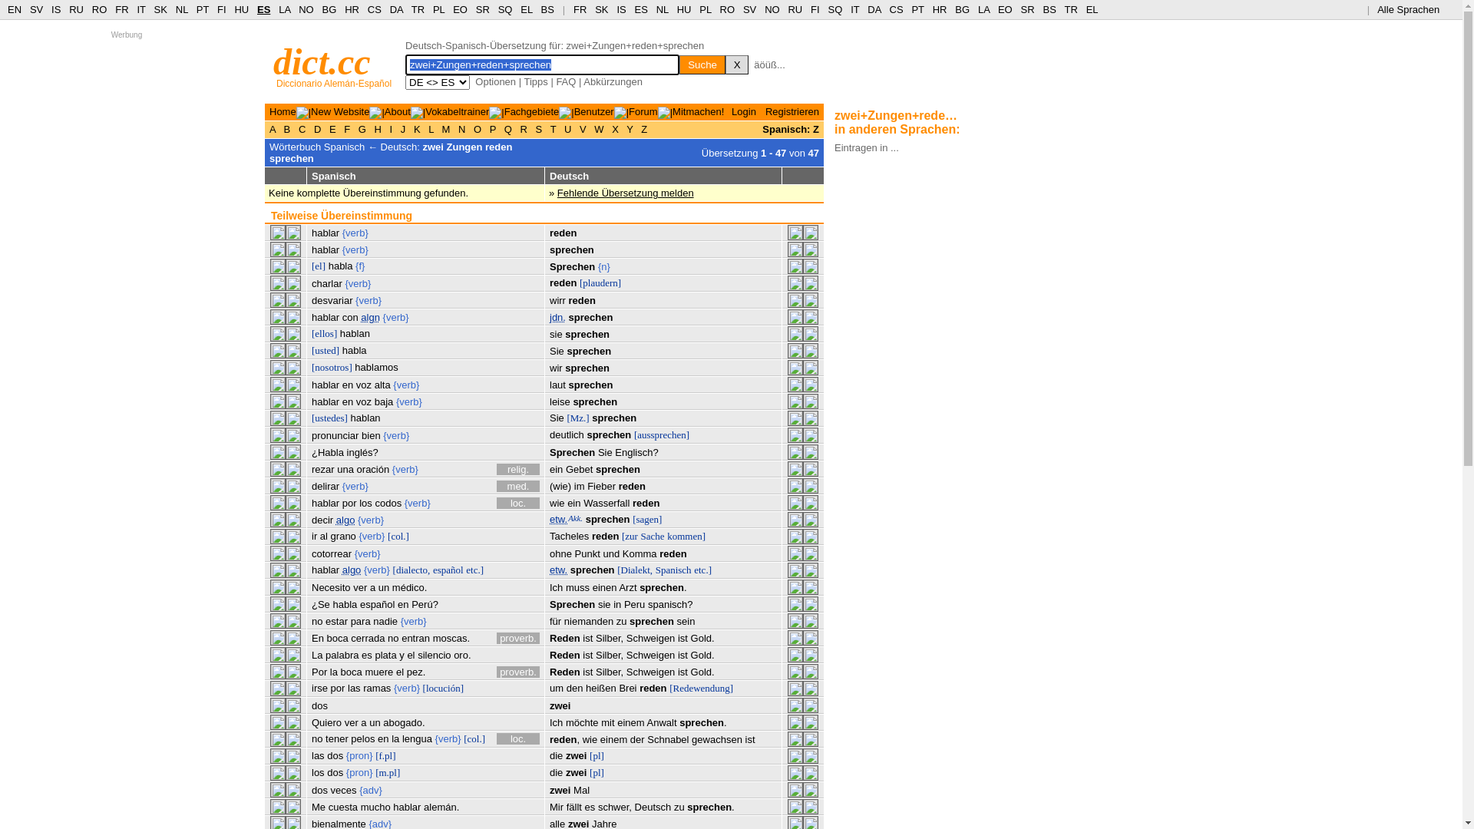 The height and width of the screenshot is (829, 1474). What do you see at coordinates (376, 687) in the screenshot?
I see `'ramas'` at bounding box center [376, 687].